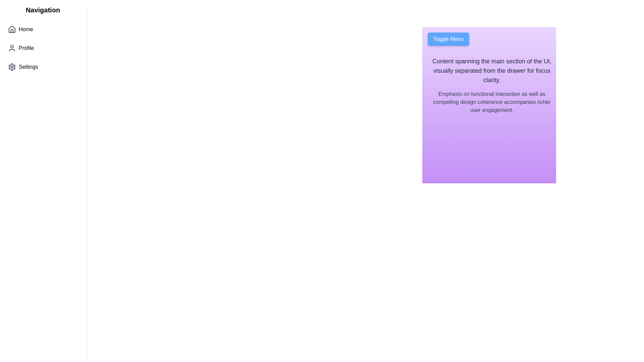 This screenshot has width=644, height=362. Describe the element at coordinates (12, 67) in the screenshot. I see `the dark blue gear icon labeled 'Settings' in the navigation sidebar` at that location.